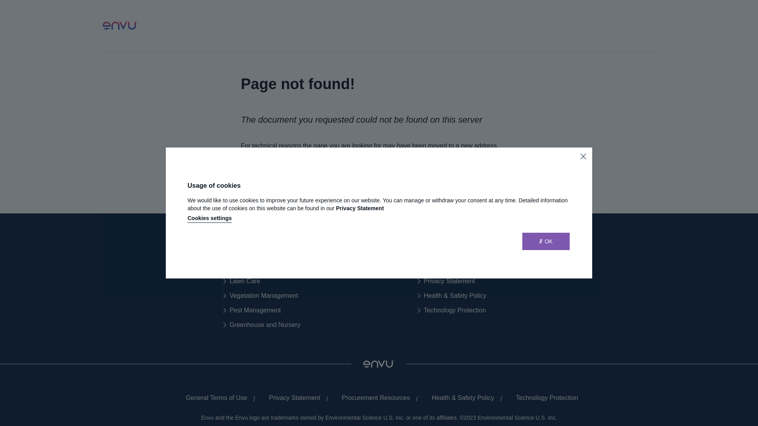 The height and width of the screenshot is (426, 758). What do you see at coordinates (261, 295) in the screenshot?
I see `'Vegetation Management'` at bounding box center [261, 295].